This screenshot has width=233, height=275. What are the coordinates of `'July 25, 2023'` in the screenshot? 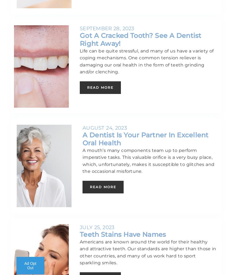 It's located at (97, 227).